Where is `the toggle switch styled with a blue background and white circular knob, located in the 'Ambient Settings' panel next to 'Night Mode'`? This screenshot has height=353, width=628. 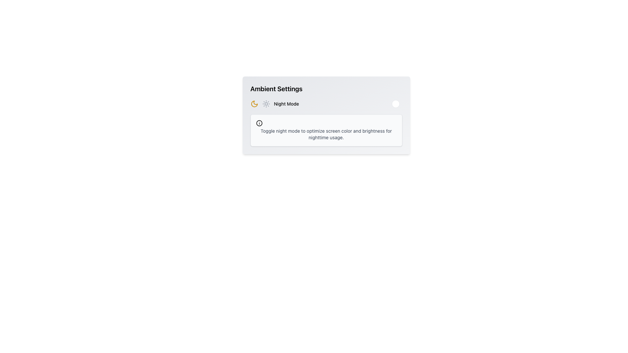 the toggle switch styled with a blue background and white circular knob, located in the 'Ambient Settings' panel next to 'Night Mode' is located at coordinates (392, 103).